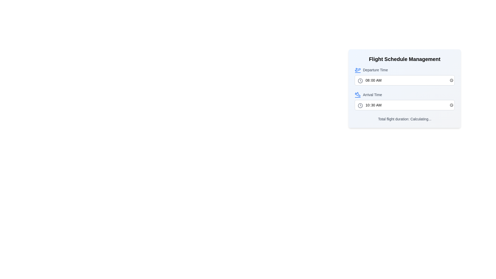 The width and height of the screenshot is (496, 279). What do you see at coordinates (360, 105) in the screenshot?
I see `the decorative circle element that is part of the clock icon, located centrally within the clock icon adjacent to the 'Arrival Time' input field` at bounding box center [360, 105].